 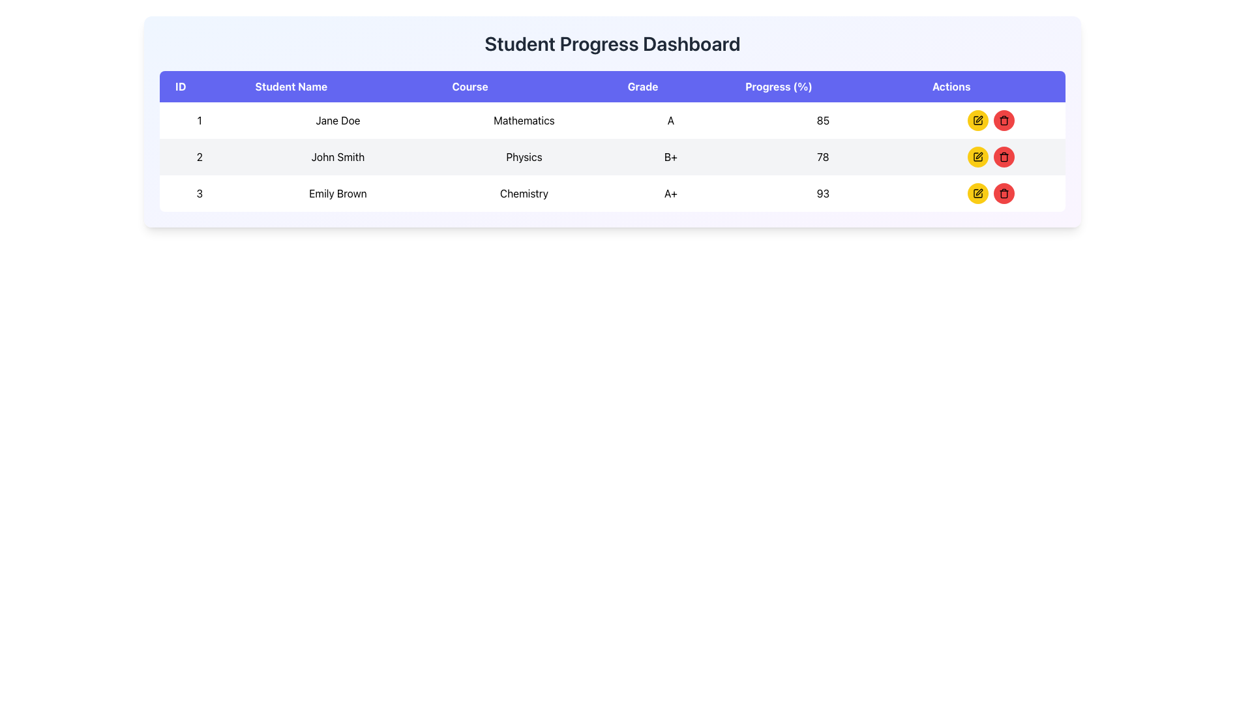 What do you see at coordinates (338, 156) in the screenshot?
I see `text displayed in the cell labeled 'Student Name' which shows 'John Smith' in black on a light gray background, located in the second row of the table` at bounding box center [338, 156].